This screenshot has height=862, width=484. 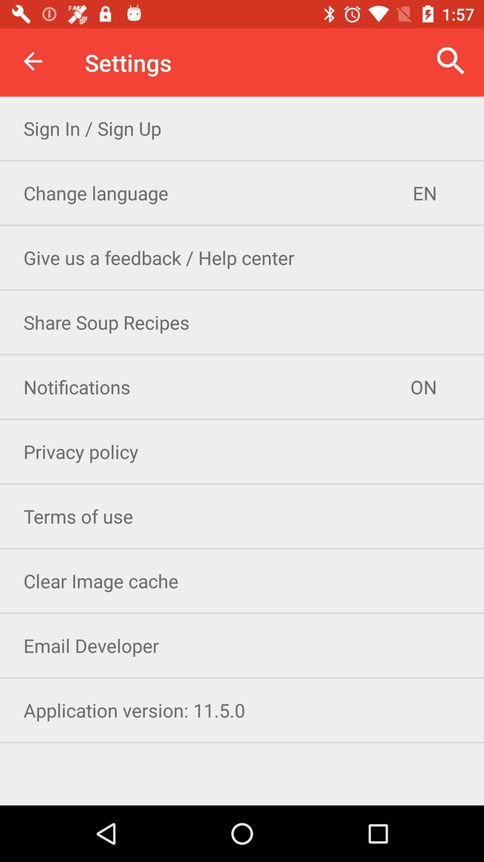 What do you see at coordinates (451, 61) in the screenshot?
I see `the icon above sign in sign icon` at bounding box center [451, 61].